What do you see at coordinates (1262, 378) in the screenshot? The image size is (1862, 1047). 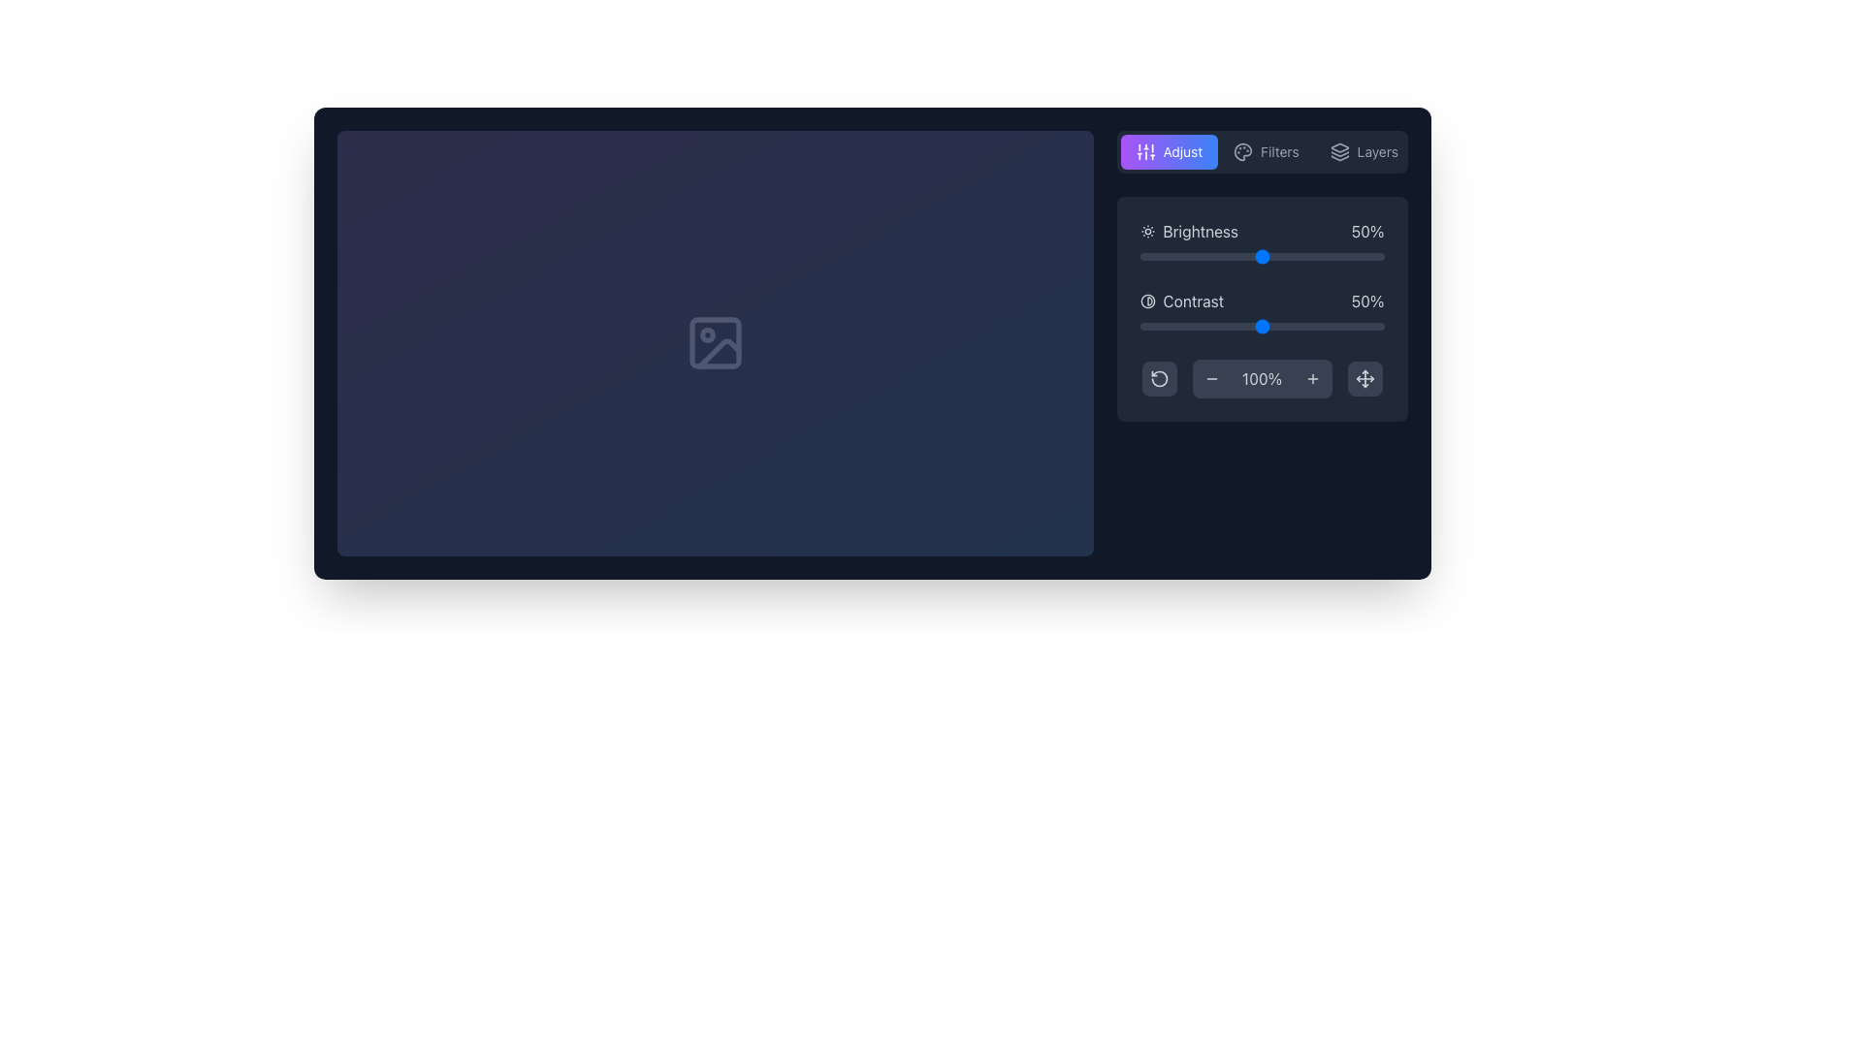 I see `the informational text component displaying the current zoom level of '100%' located in the lower-right section of the interface` at bounding box center [1262, 378].